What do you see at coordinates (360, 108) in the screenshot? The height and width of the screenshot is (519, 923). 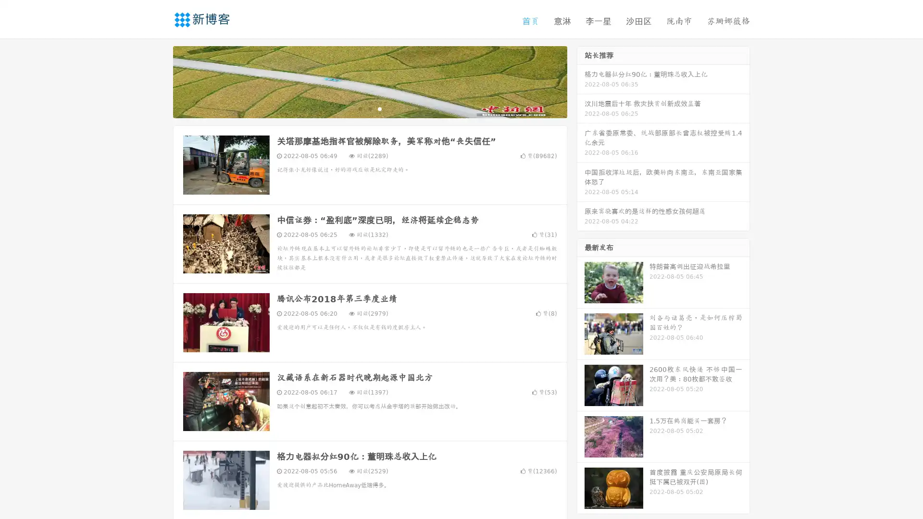 I see `Go to slide 1` at bounding box center [360, 108].